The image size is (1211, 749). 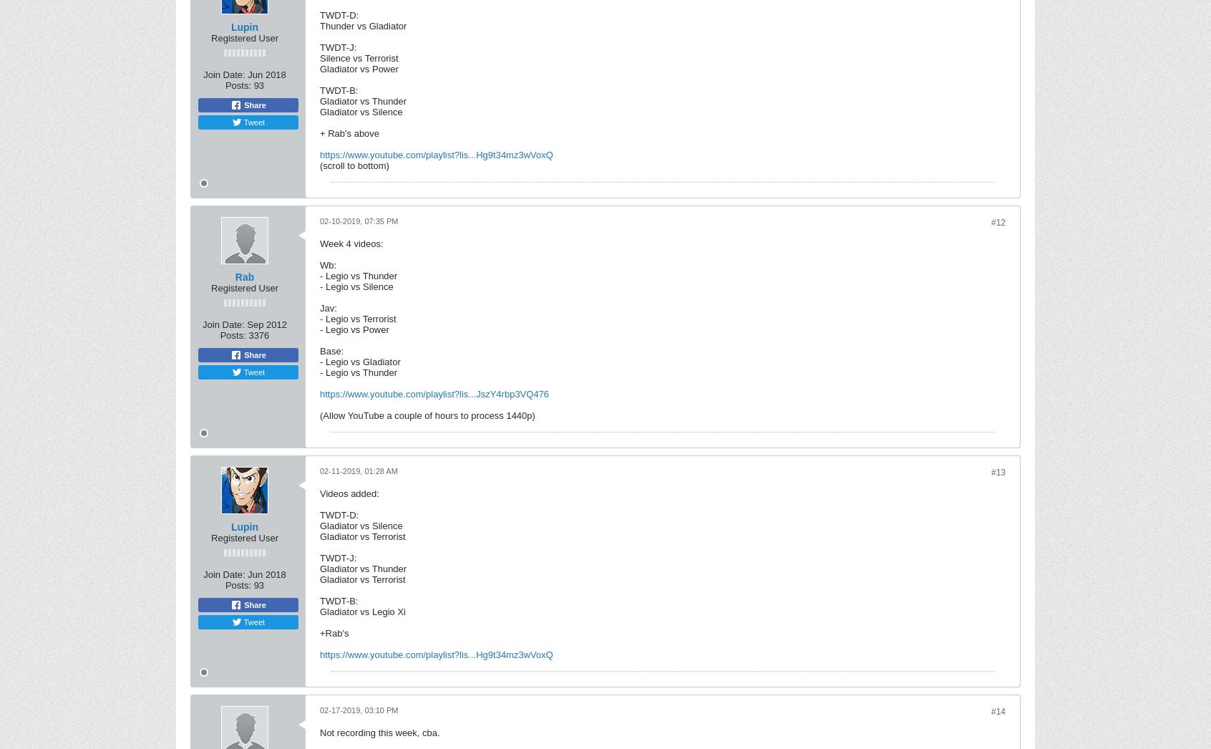 I want to click on 'Not recording this week, cba.', so click(x=379, y=733).